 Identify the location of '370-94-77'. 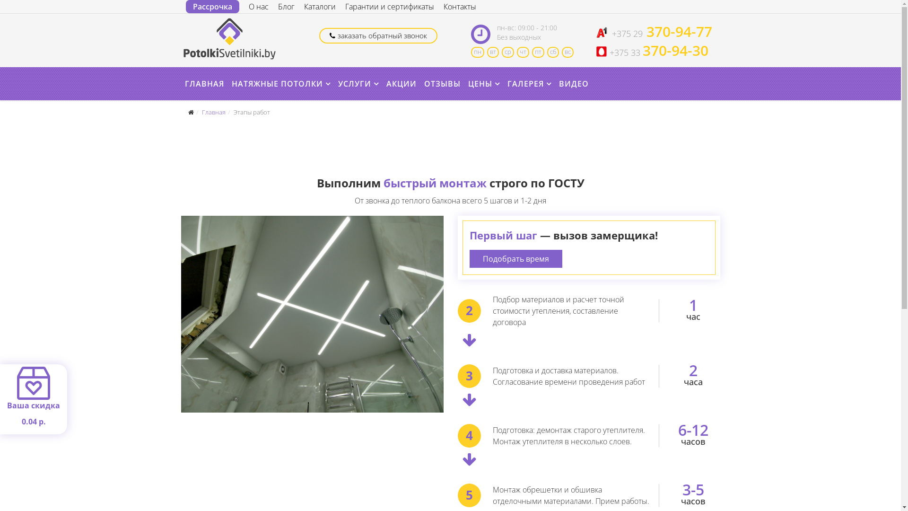
(677, 33).